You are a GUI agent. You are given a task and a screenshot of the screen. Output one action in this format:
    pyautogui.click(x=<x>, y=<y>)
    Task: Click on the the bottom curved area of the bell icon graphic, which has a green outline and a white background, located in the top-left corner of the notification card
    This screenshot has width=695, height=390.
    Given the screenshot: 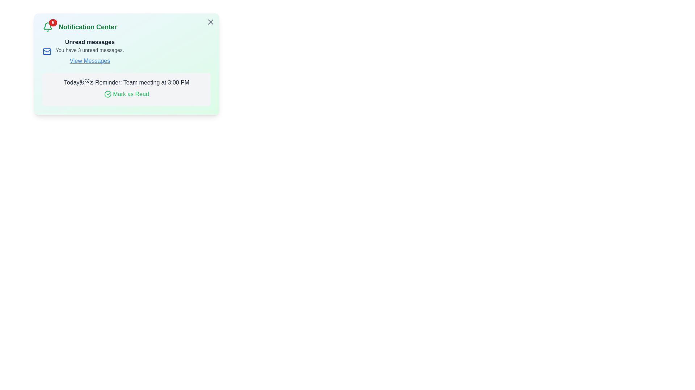 What is the action you would take?
    pyautogui.click(x=47, y=26)
    